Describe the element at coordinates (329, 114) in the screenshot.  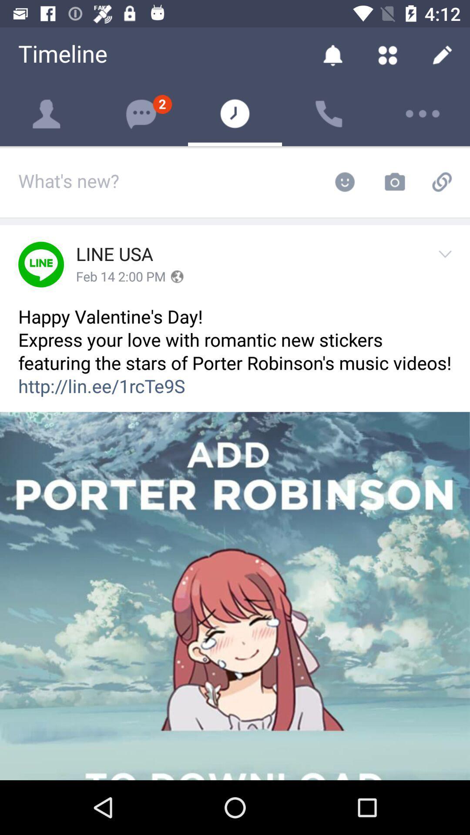
I see `the call icon` at that location.